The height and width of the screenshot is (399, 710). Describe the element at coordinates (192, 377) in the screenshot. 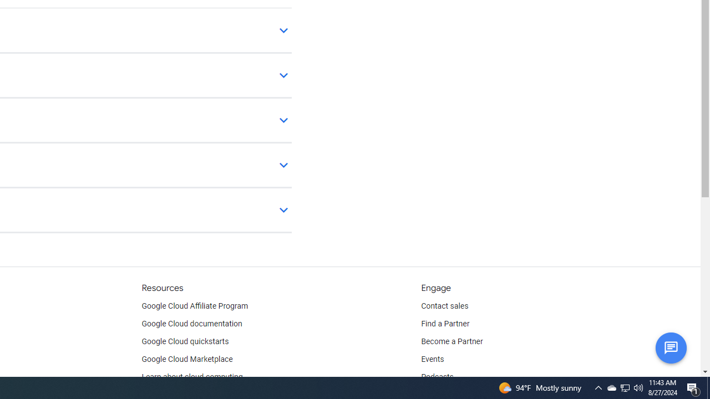

I see `'Learn about cloud computing'` at that location.